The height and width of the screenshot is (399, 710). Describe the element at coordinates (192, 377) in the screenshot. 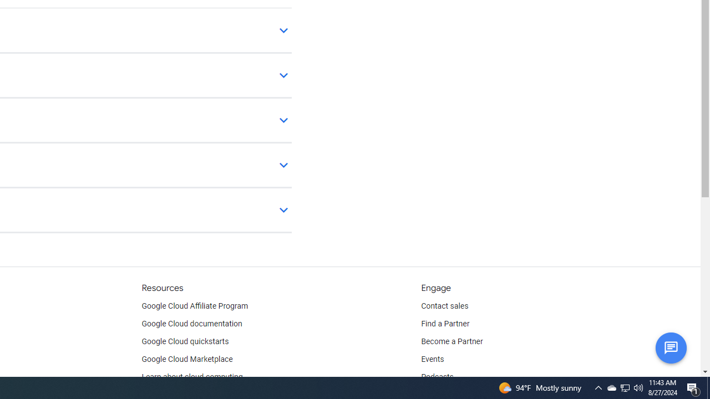

I see `'Learn about cloud computing'` at that location.